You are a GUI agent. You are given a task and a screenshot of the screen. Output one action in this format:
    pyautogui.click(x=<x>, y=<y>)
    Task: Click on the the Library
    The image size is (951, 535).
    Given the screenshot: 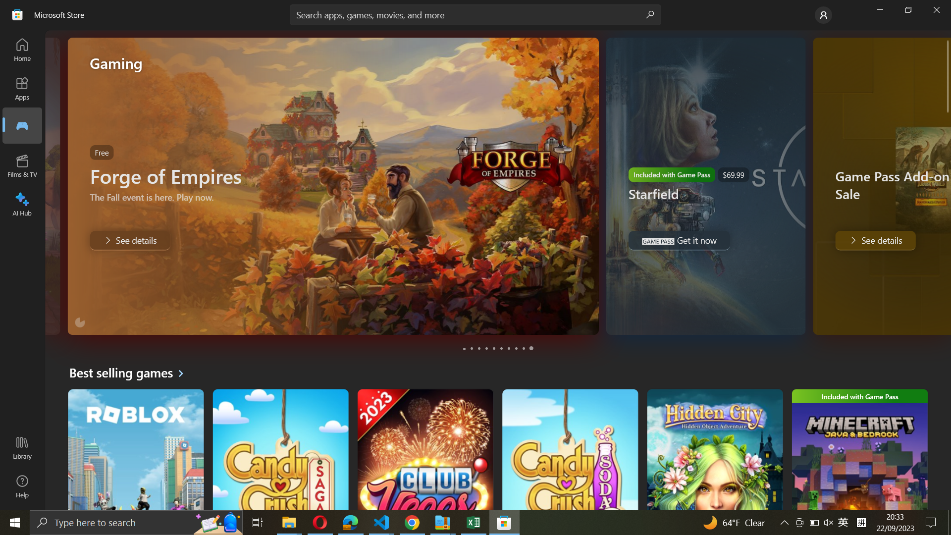 What is the action you would take?
    pyautogui.click(x=24, y=449)
    